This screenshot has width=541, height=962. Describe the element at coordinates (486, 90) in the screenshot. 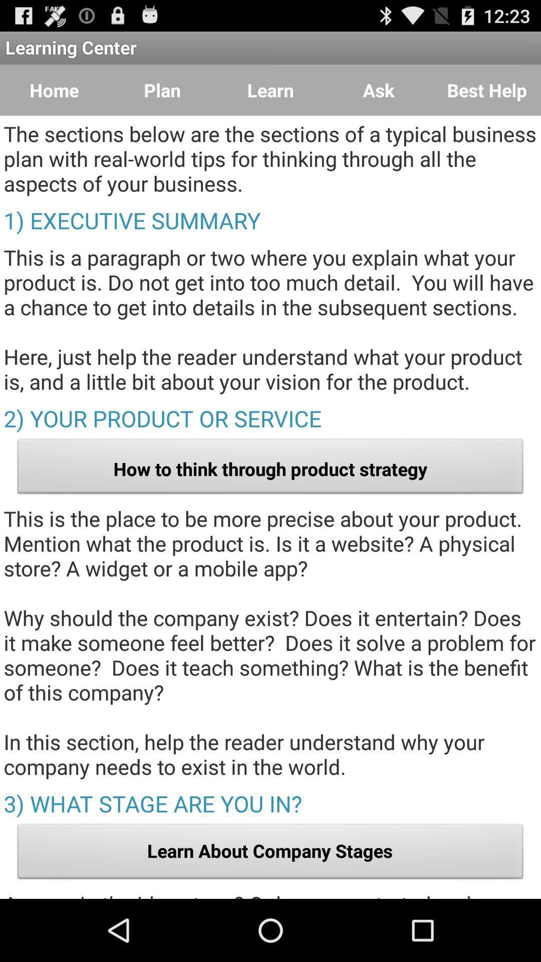

I see `the app below the learning center icon` at that location.